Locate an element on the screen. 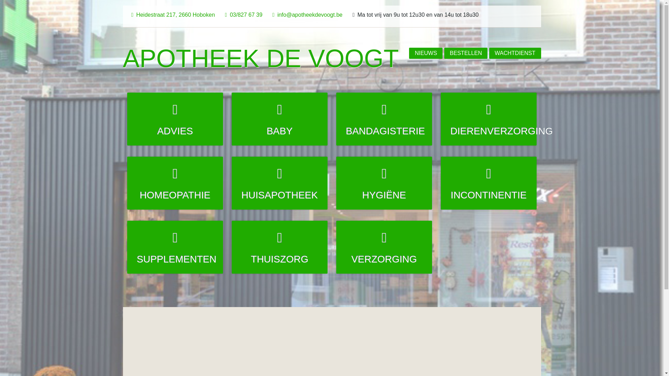  'BABY' is located at coordinates (279, 119).